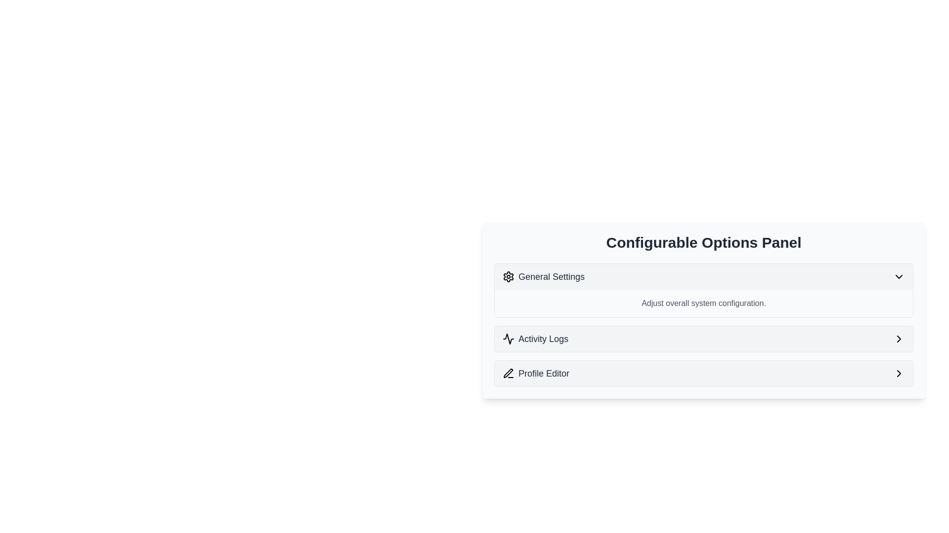 This screenshot has height=533, width=949. What do you see at coordinates (703, 373) in the screenshot?
I see `the third navigation link in the vertically arranged list of menu options` at bounding box center [703, 373].